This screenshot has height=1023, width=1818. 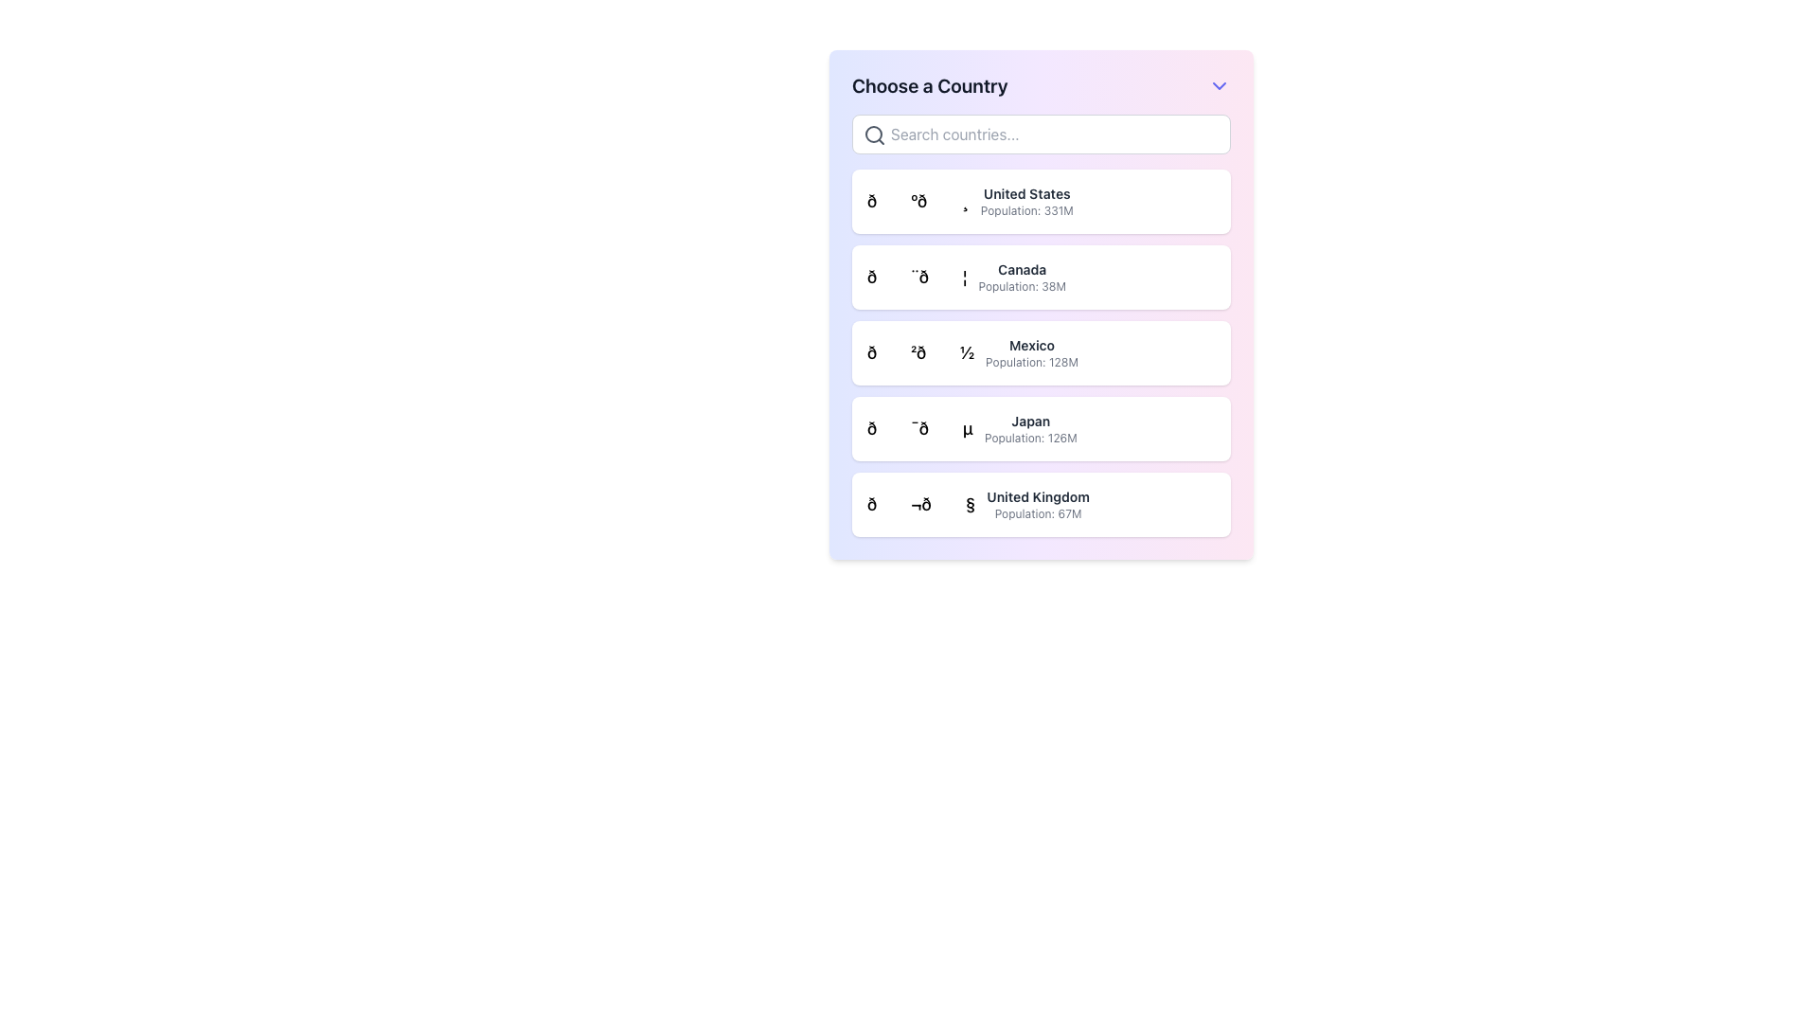 What do you see at coordinates (1037, 514) in the screenshot?
I see `the text label displaying population statistics for the 'United Kingdom' located directly below the 'United Kingdom' label in the country selection menu` at bounding box center [1037, 514].